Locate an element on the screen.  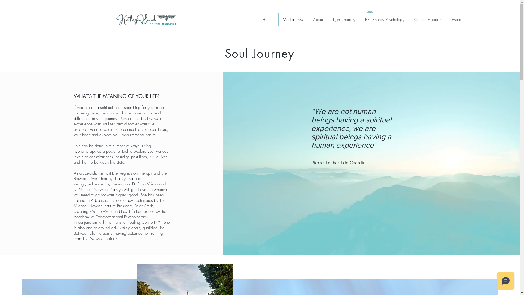
'Media Links' is located at coordinates (293, 19).